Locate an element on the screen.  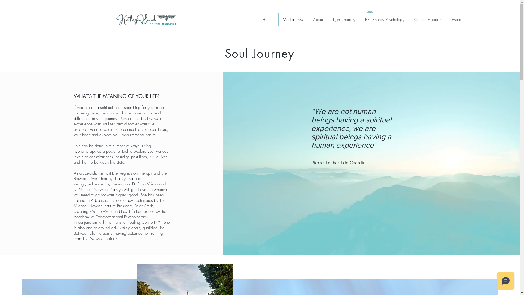
'Media Links' is located at coordinates (293, 19).